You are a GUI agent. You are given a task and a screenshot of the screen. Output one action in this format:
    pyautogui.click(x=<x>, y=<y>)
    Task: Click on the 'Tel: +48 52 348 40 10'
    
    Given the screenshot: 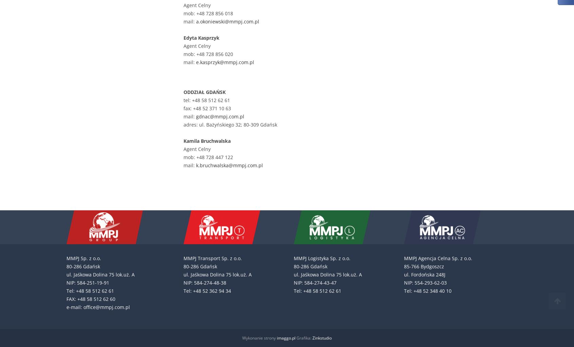 What is the action you would take?
    pyautogui.click(x=428, y=290)
    